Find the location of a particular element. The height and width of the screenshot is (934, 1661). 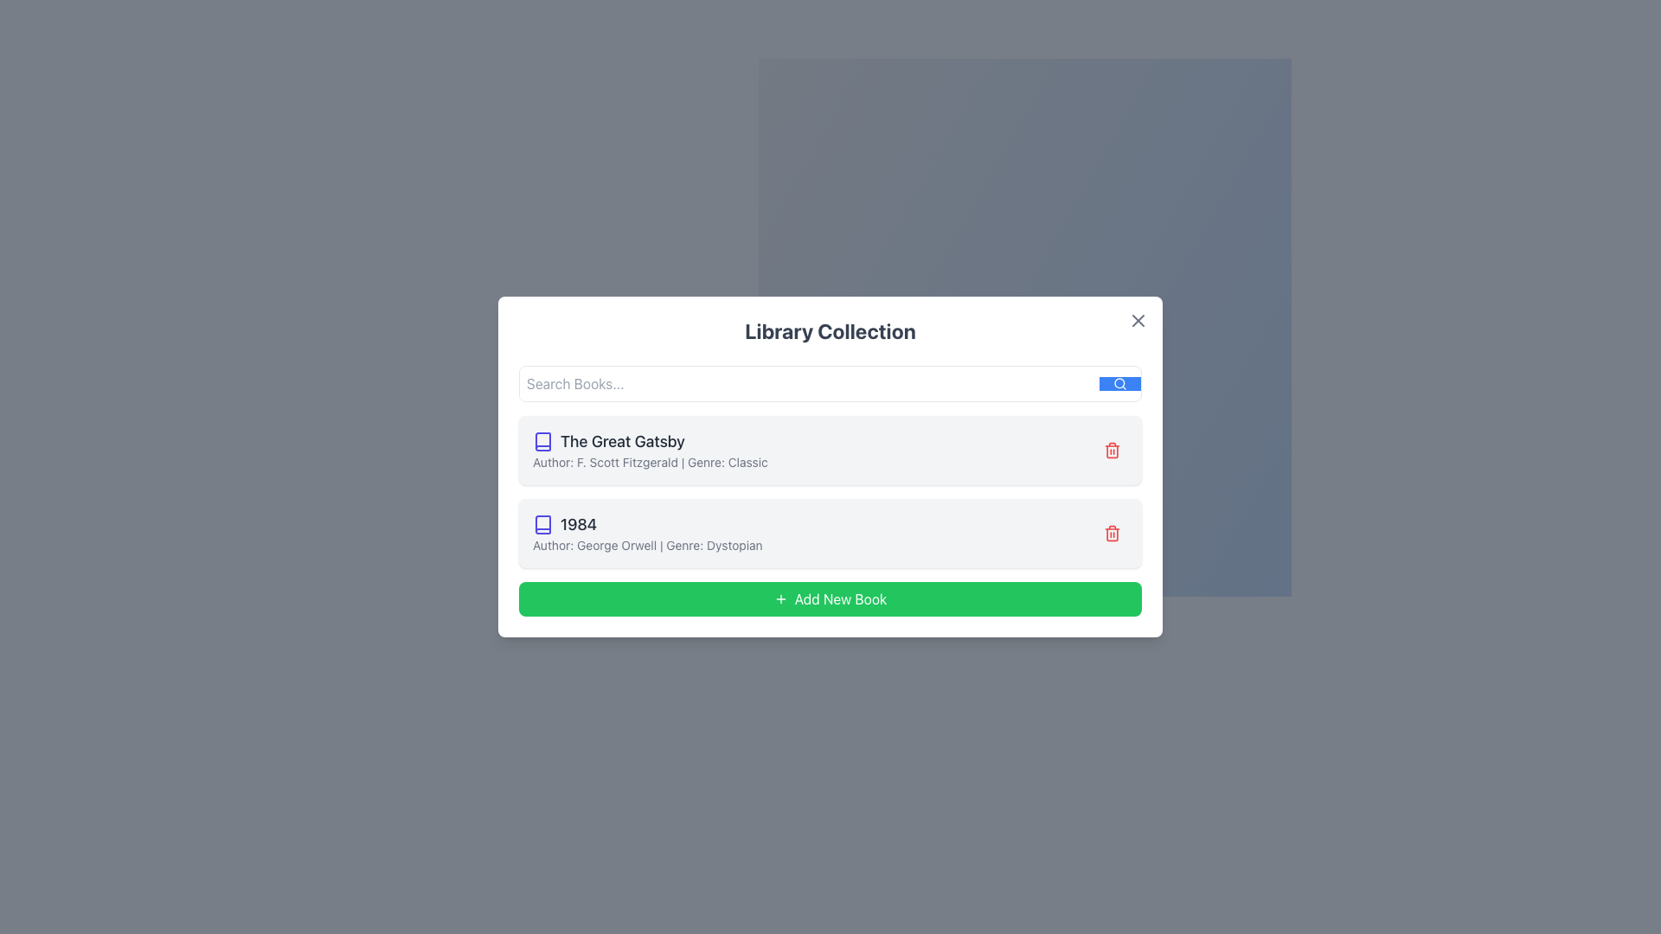

the List item displaying book information for 'The Great Gatsby' is located at coordinates (649, 449).